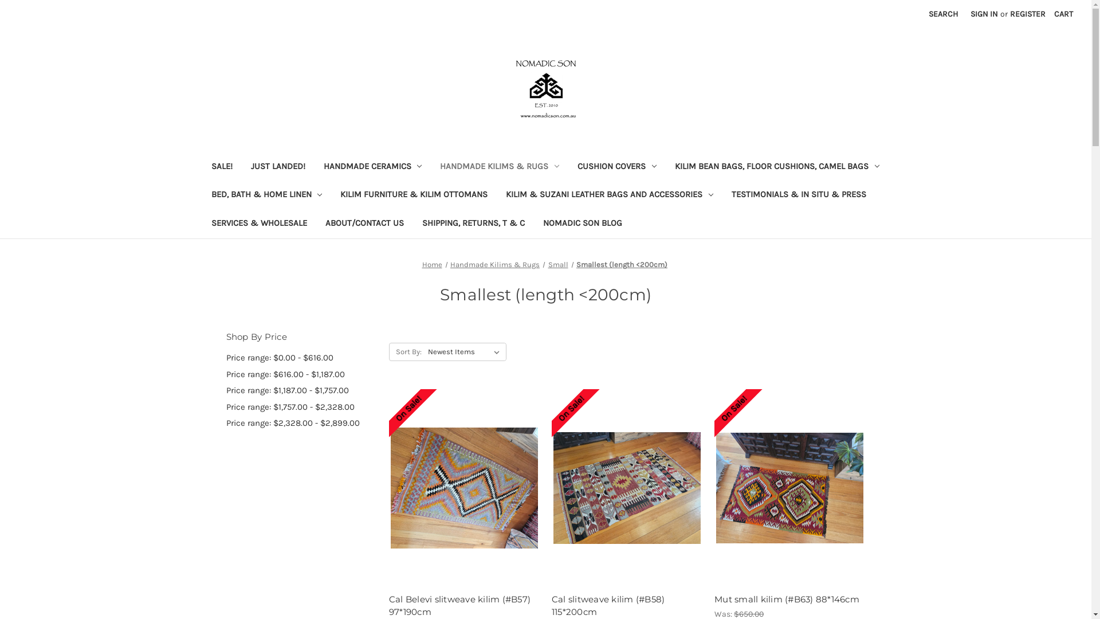  Describe the element at coordinates (943, 14) in the screenshot. I see `'SEARCH'` at that location.